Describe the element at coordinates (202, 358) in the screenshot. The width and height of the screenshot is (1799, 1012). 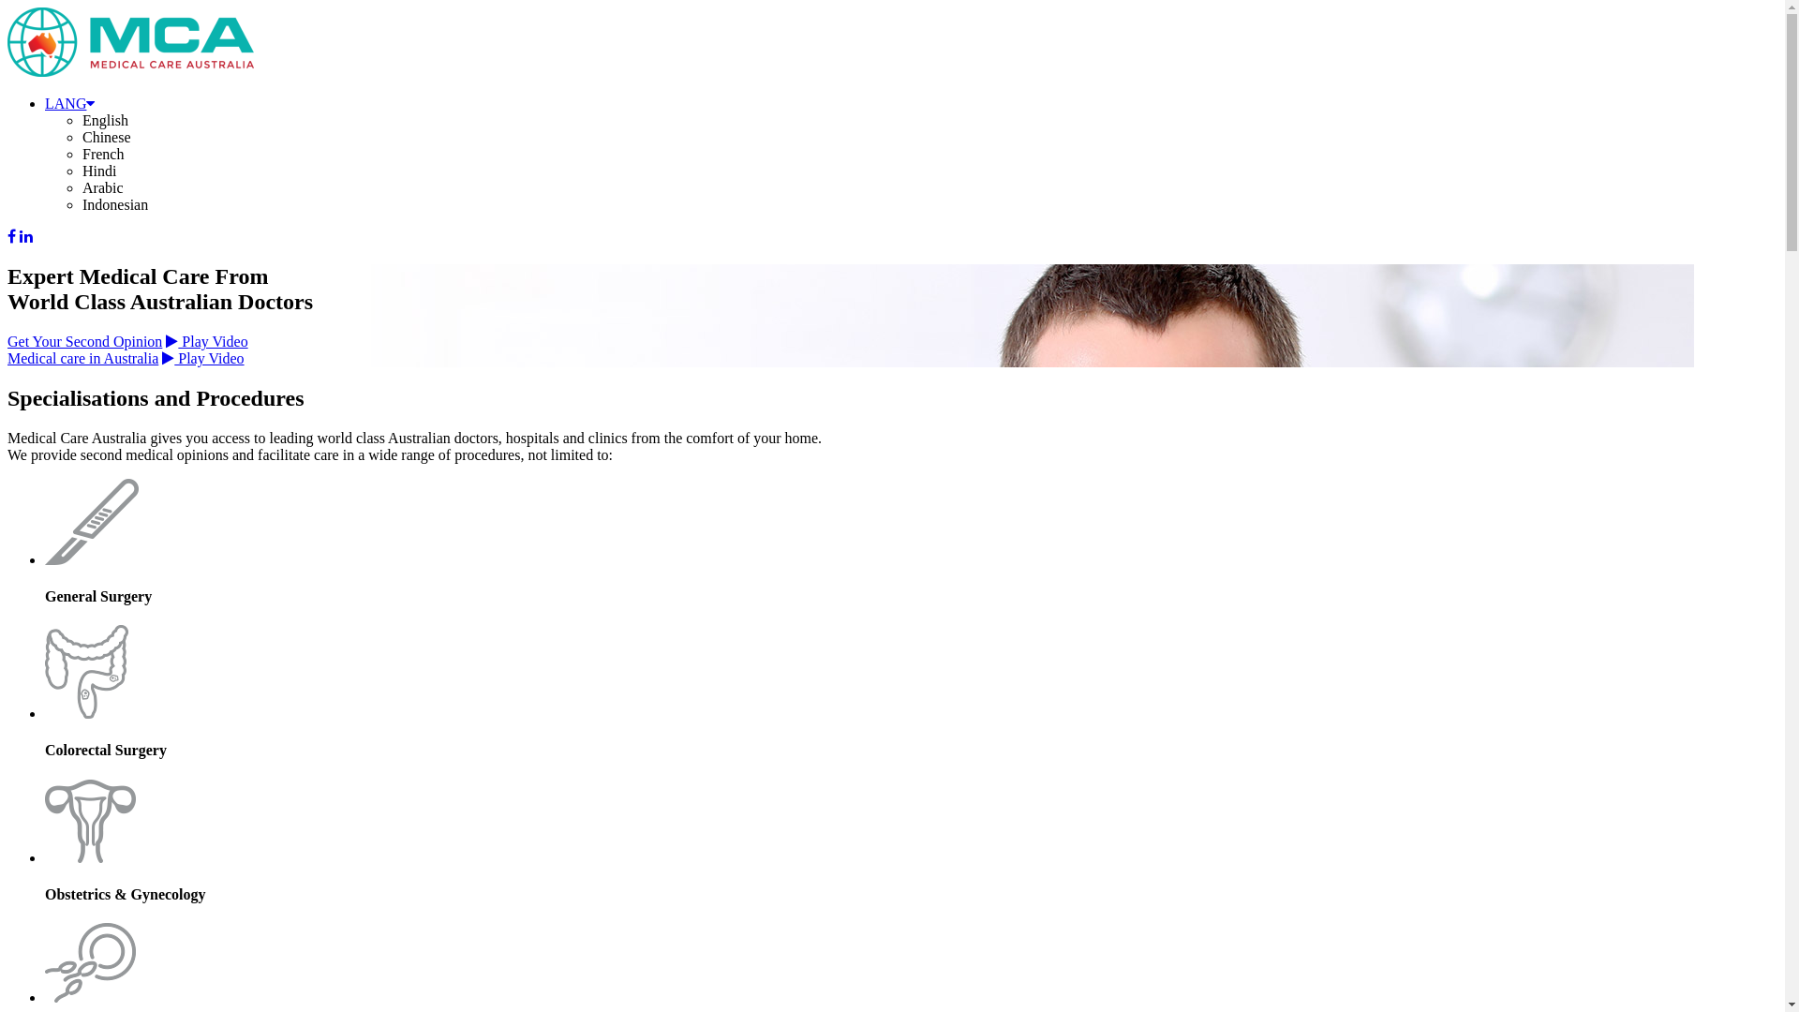
I see `'Play Video'` at that location.